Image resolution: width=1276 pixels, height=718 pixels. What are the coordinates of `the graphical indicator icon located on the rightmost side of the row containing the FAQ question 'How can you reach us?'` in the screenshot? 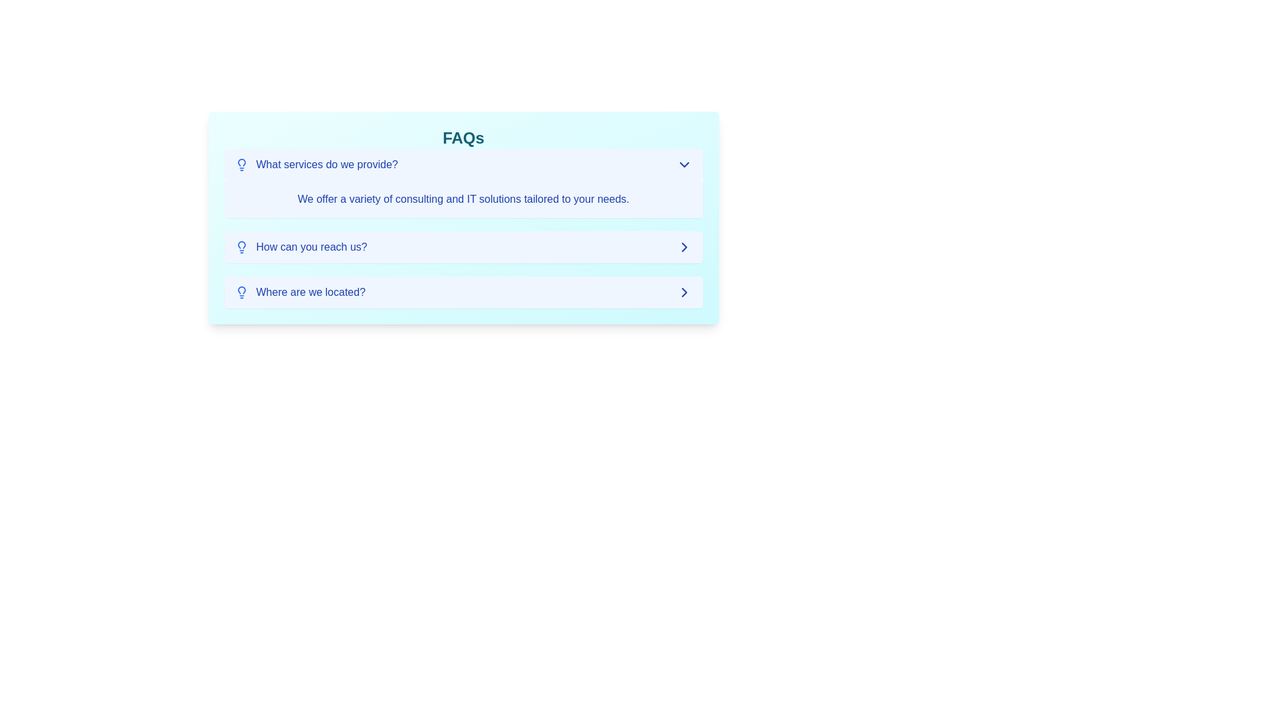 It's located at (684, 247).